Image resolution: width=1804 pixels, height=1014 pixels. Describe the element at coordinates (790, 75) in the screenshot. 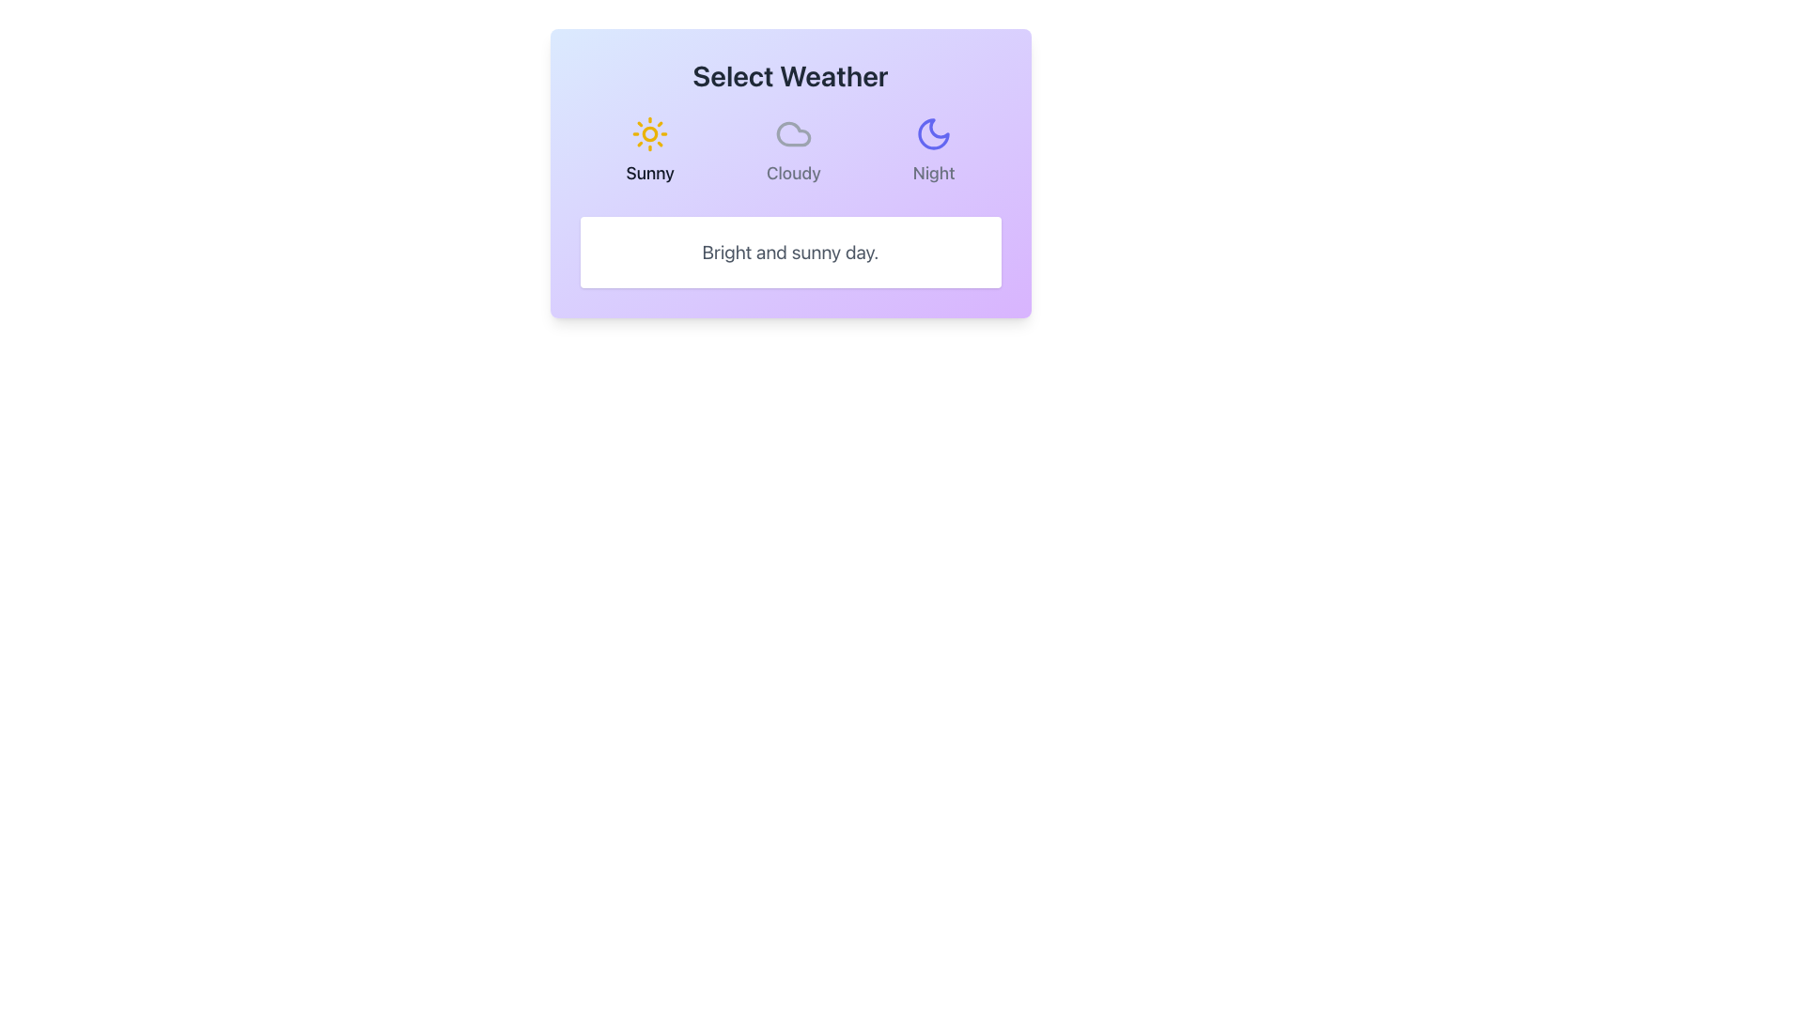

I see `the prominently styled text header labeled 'Select Weather', which is centrally aligned in a card-like panel and positioned above the weather options` at that location.